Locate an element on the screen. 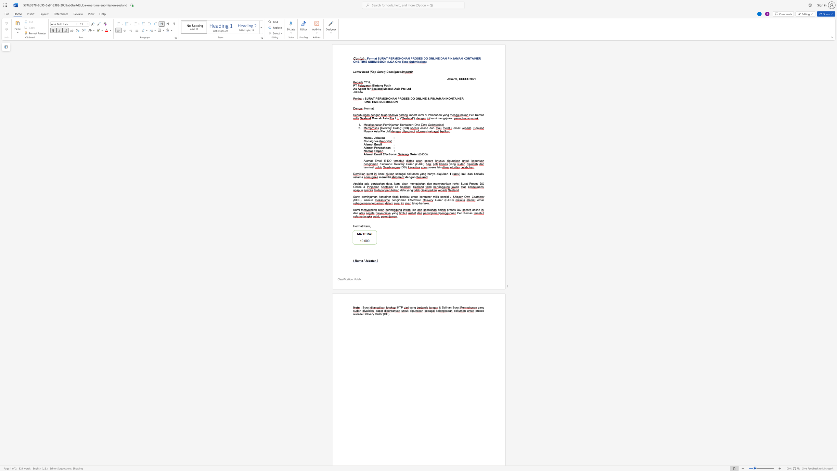 The width and height of the screenshot is (837, 471). the subset text "d]" within the text "Maersk Asia Pte Ltd]" is located at coordinates (388, 131).